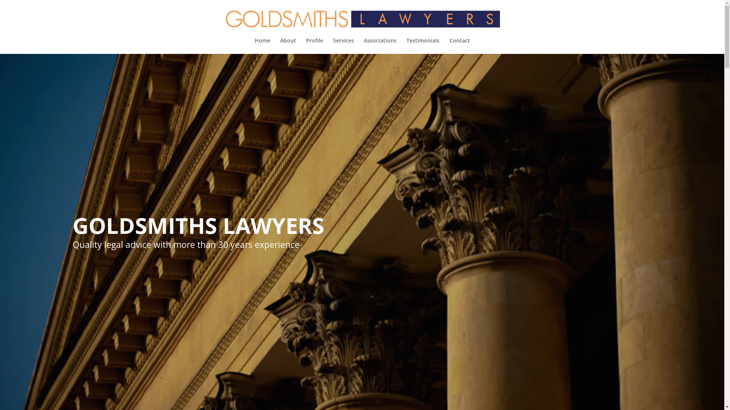  What do you see at coordinates (314, 46) in the screenshot?
I see `'Profile'` at bounding box center [314, 46].